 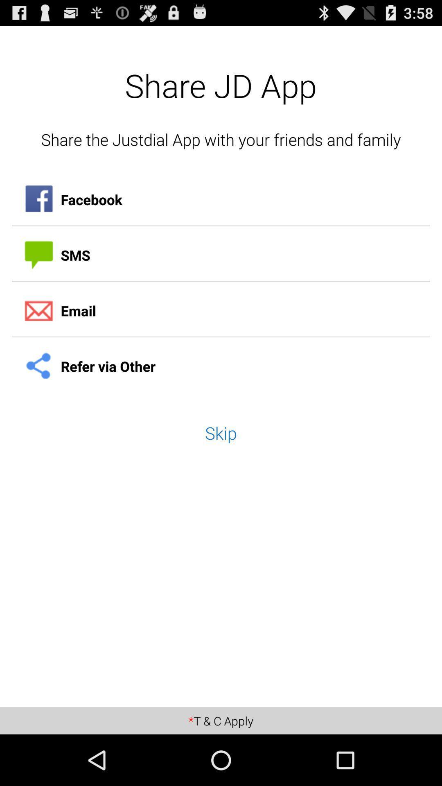 What do you see at coordinates (221, 255) in the screenshot?
I see `item below facebook icon` at bounding box center [221, 255].